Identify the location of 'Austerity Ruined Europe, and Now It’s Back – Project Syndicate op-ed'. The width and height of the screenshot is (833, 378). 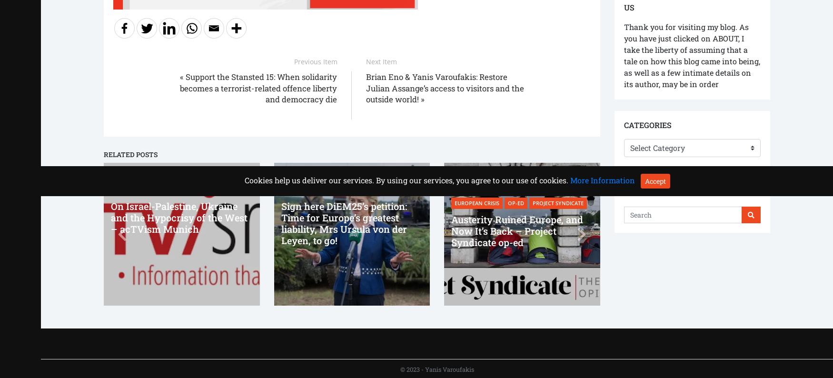
(517, 230).